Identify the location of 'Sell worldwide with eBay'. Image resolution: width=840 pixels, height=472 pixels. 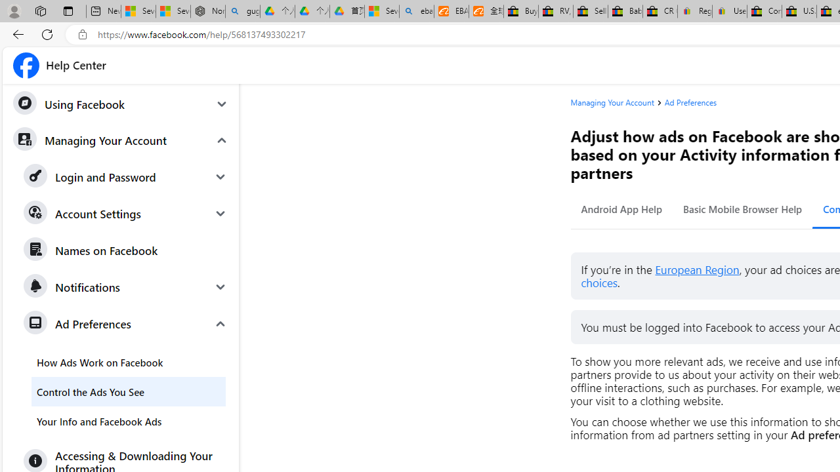
(589, 11).